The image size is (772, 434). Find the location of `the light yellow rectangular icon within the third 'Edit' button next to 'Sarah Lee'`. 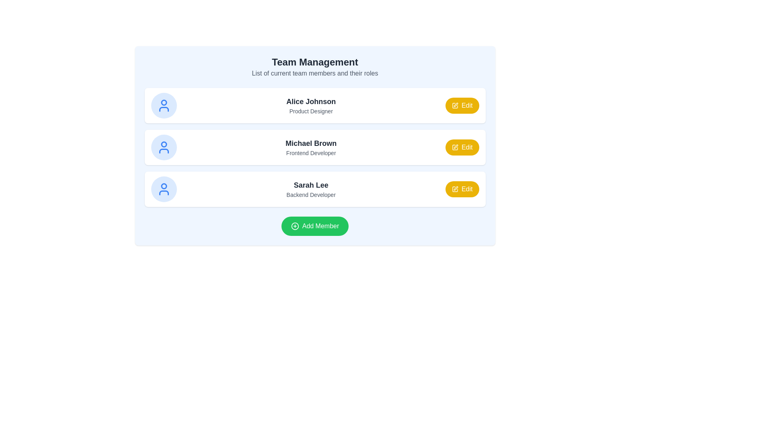

the light yellow rectangular icon within the third 'Edit' button next to 'Sarah Lee' is located at coordinates (455, 189).